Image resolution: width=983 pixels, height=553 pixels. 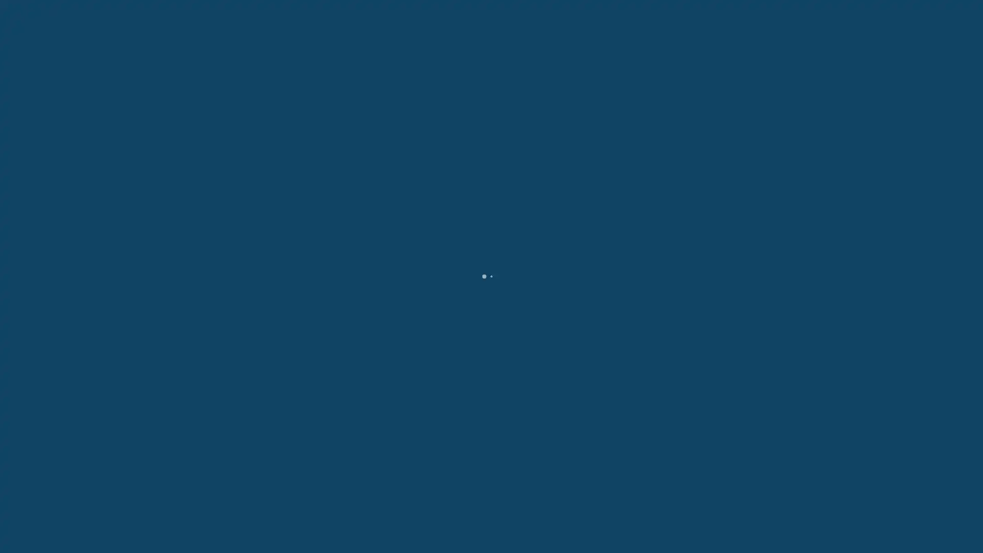 What do you see at coordinates (491, 319) in the screenshot?
I see `Forgot your password?` at bounding box center [491, 319].